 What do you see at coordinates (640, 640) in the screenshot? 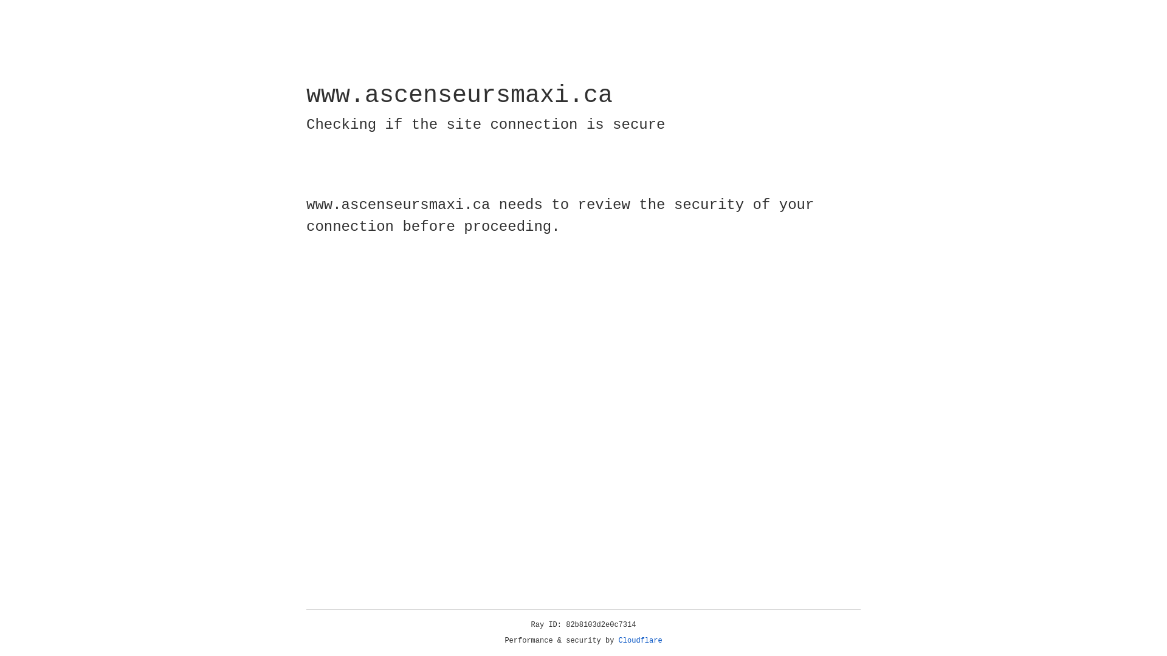
I see `'Cloudflare'` at bounding box center [640, 640].